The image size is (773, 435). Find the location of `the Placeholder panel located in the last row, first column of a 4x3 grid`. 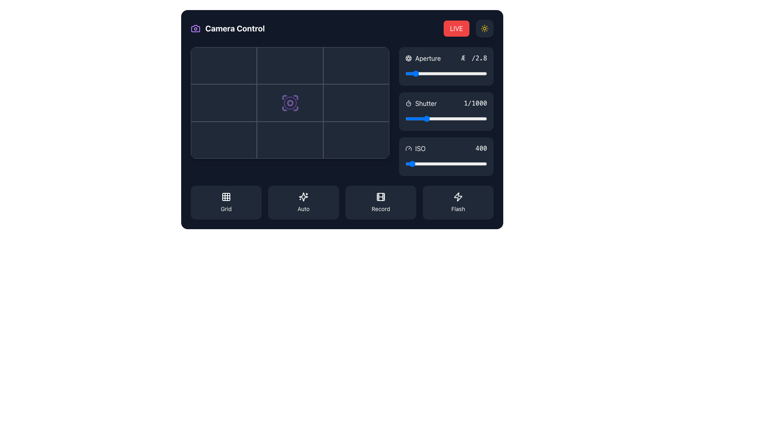

the Placeholder panel located in the last row, first column of a 4x3 grid is located at coordinates (224, 140).